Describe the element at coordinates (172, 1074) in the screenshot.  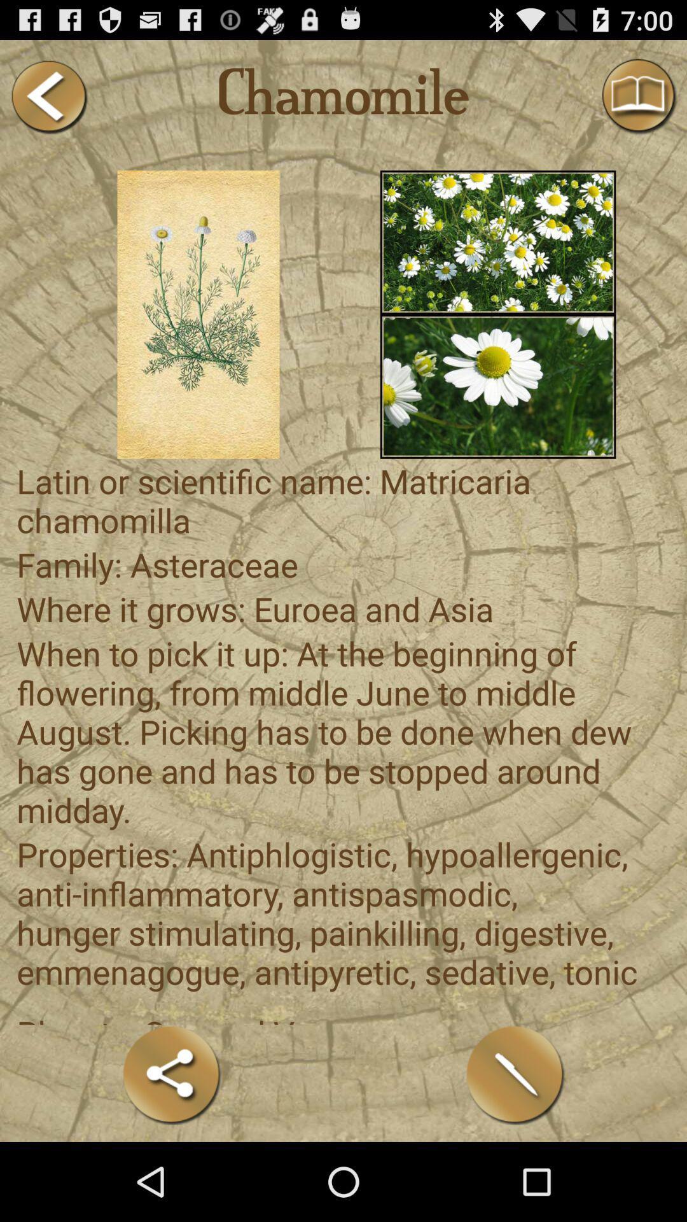
I see `the item below planets sun and app` at that location.